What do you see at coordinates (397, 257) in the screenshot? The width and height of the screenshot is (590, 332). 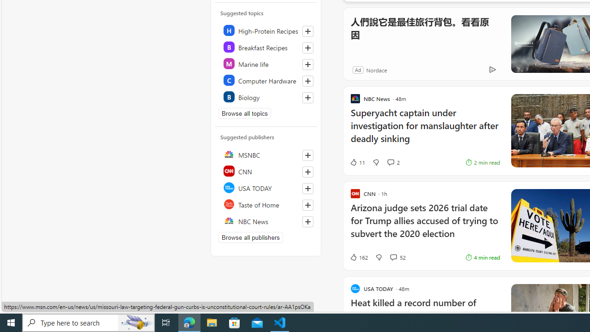 I see `'View comments 52 Comment'` at bounding box center [397, 257].